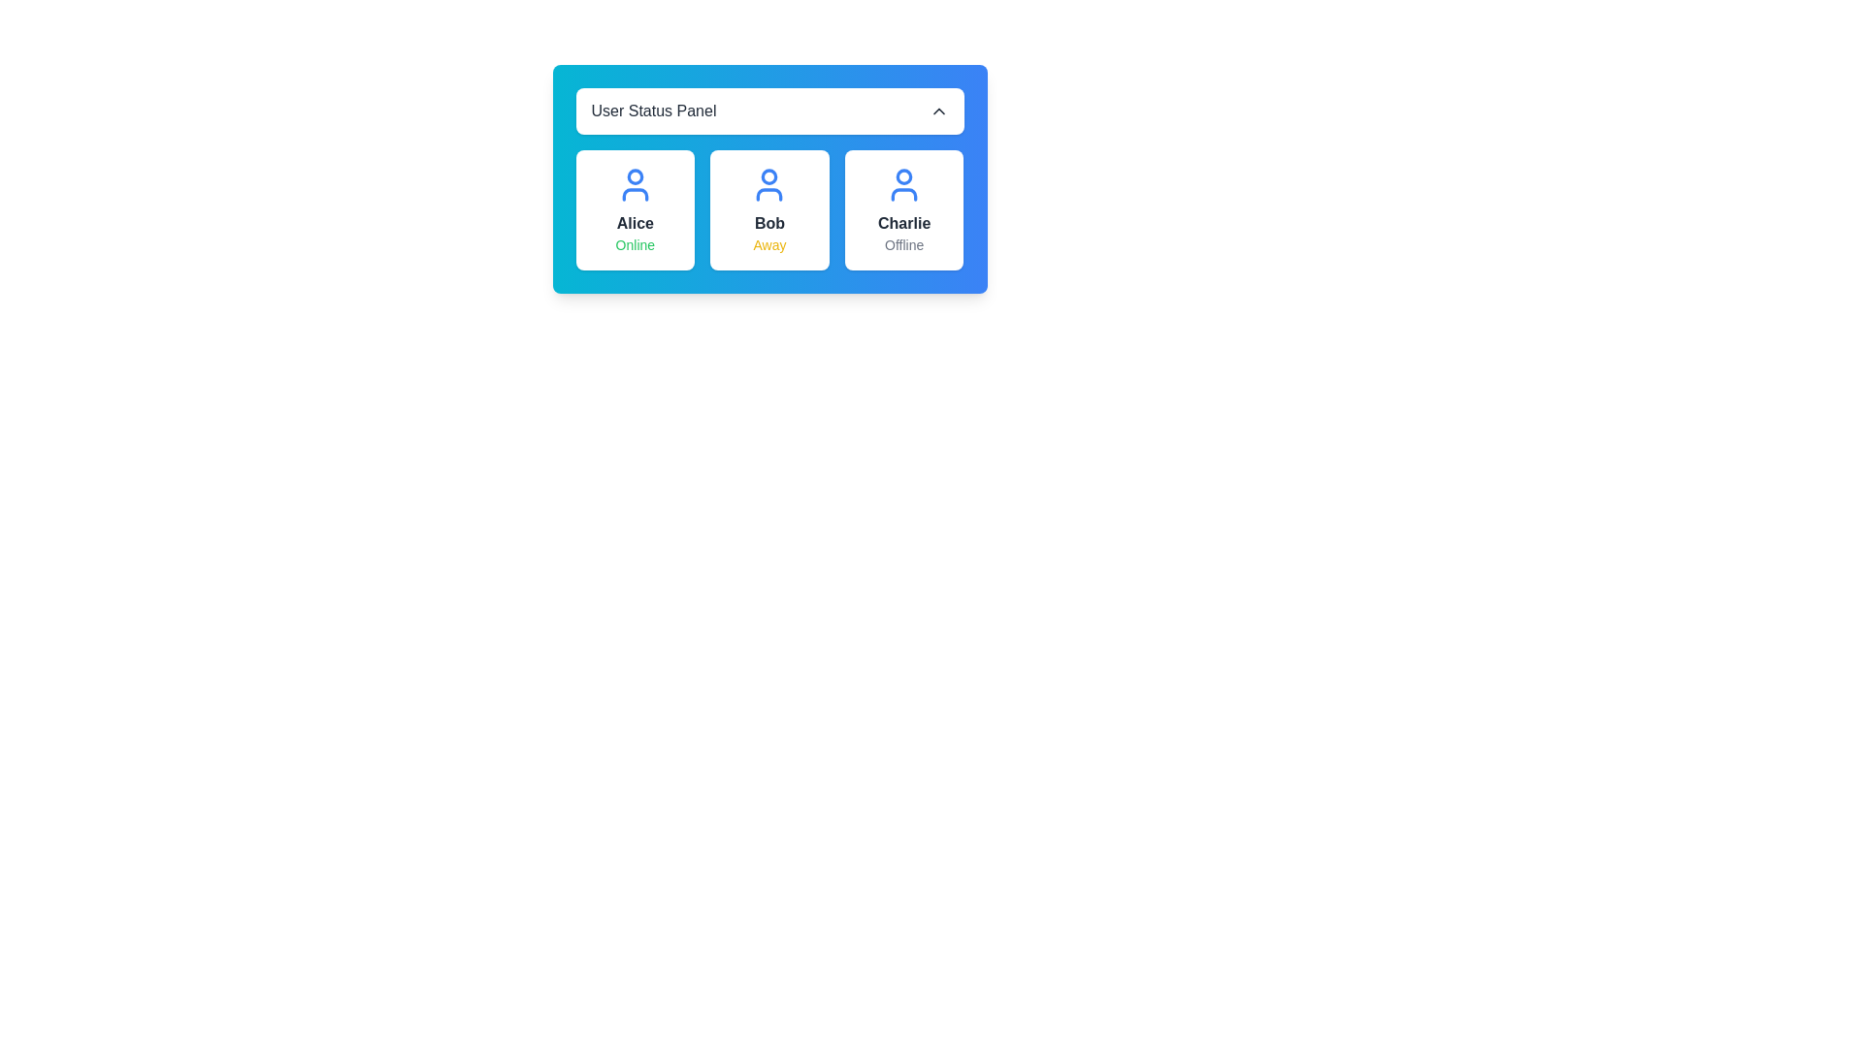  What do you see at coordinates (768, 111) in the screenshot?
I see `the 'User Status Panel' button to toggle the visibility of the user status grid` at bounding box center [768, 111].